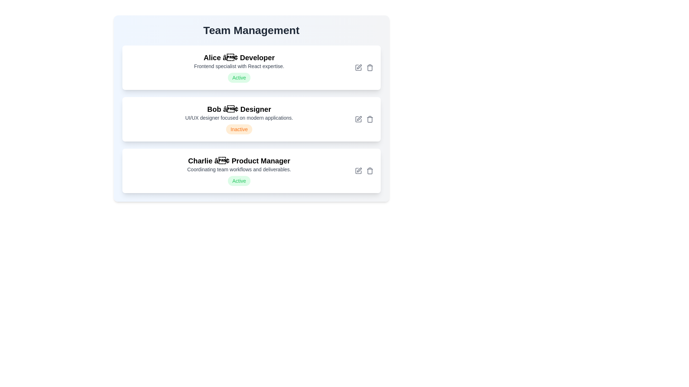 The height and width of the screenshot is (387, 689). Describe the element at coordinates (358, 119) in the screenshot. I see `edit icon for the team member Bob` at that location.